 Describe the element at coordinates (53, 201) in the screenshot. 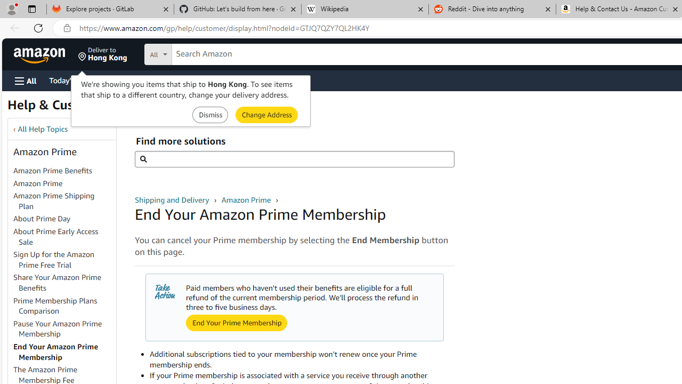

I see `'Amazon Prime Shipping Plan'` at that location.